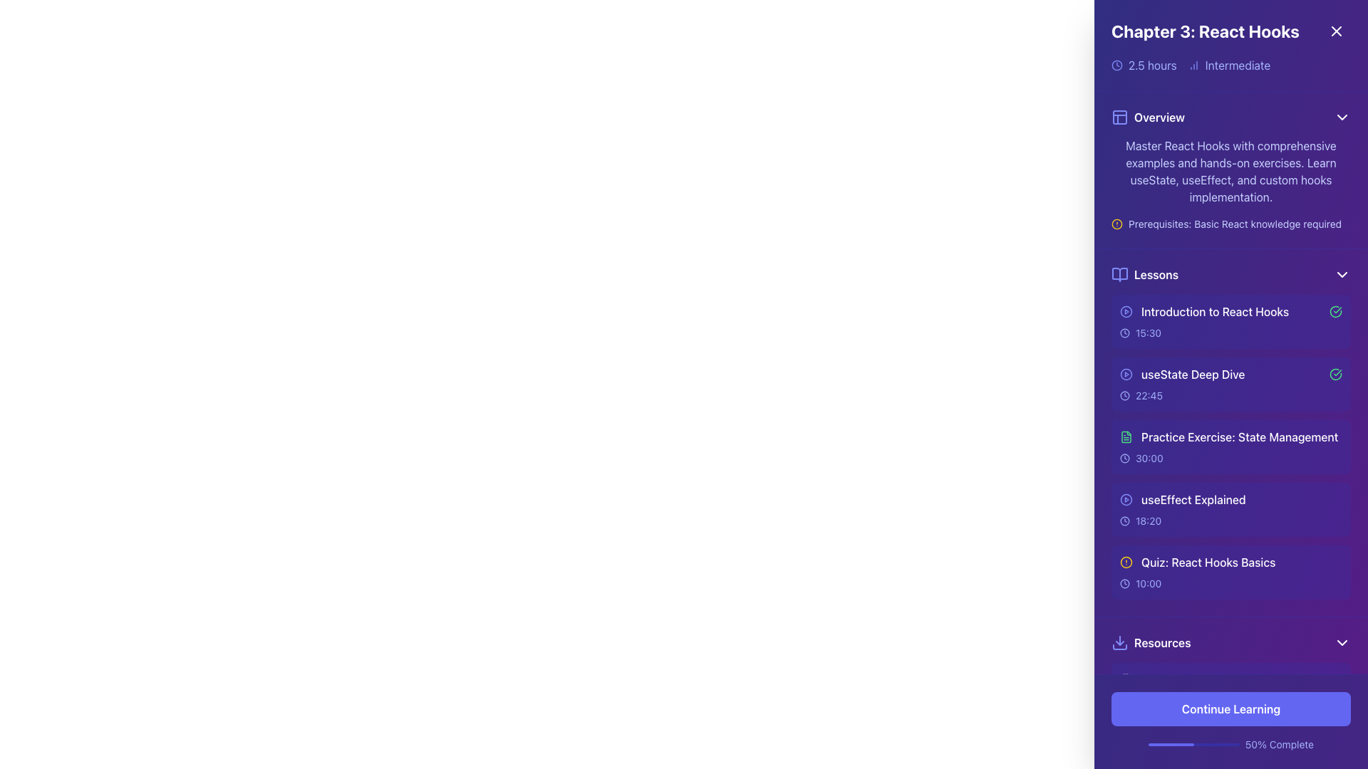 This screenshot has height=769, width=1368. Describe the element at coordinates (1193, 373) in the screenshot. I see `the content of the text label displaying 'useState Deep Dive', which is the second item in the lesson list under the section labeled 'Lessons'` at that location.